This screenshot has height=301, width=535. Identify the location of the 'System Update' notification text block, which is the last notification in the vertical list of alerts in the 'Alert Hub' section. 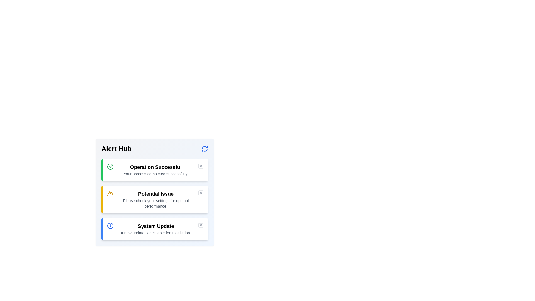
(156, 229).